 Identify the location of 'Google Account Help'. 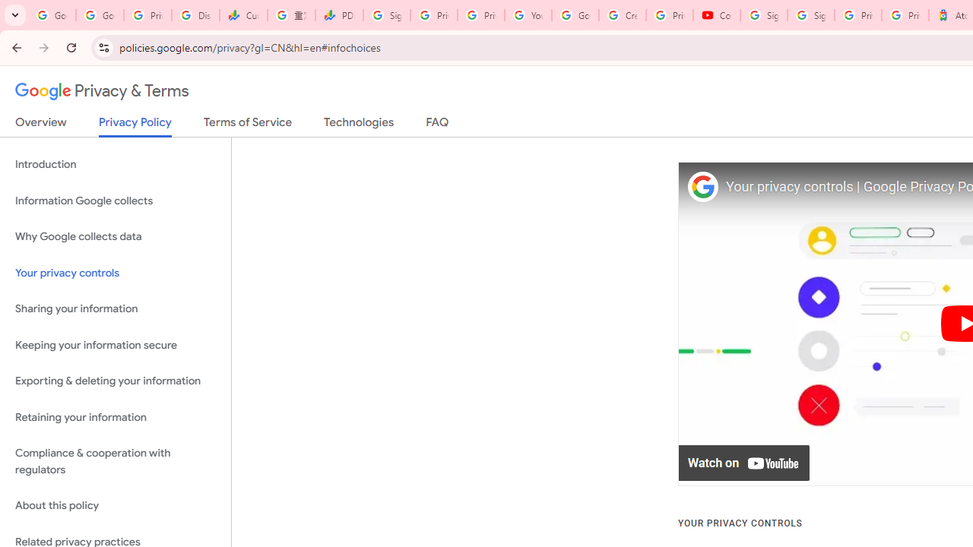
(575, 15).